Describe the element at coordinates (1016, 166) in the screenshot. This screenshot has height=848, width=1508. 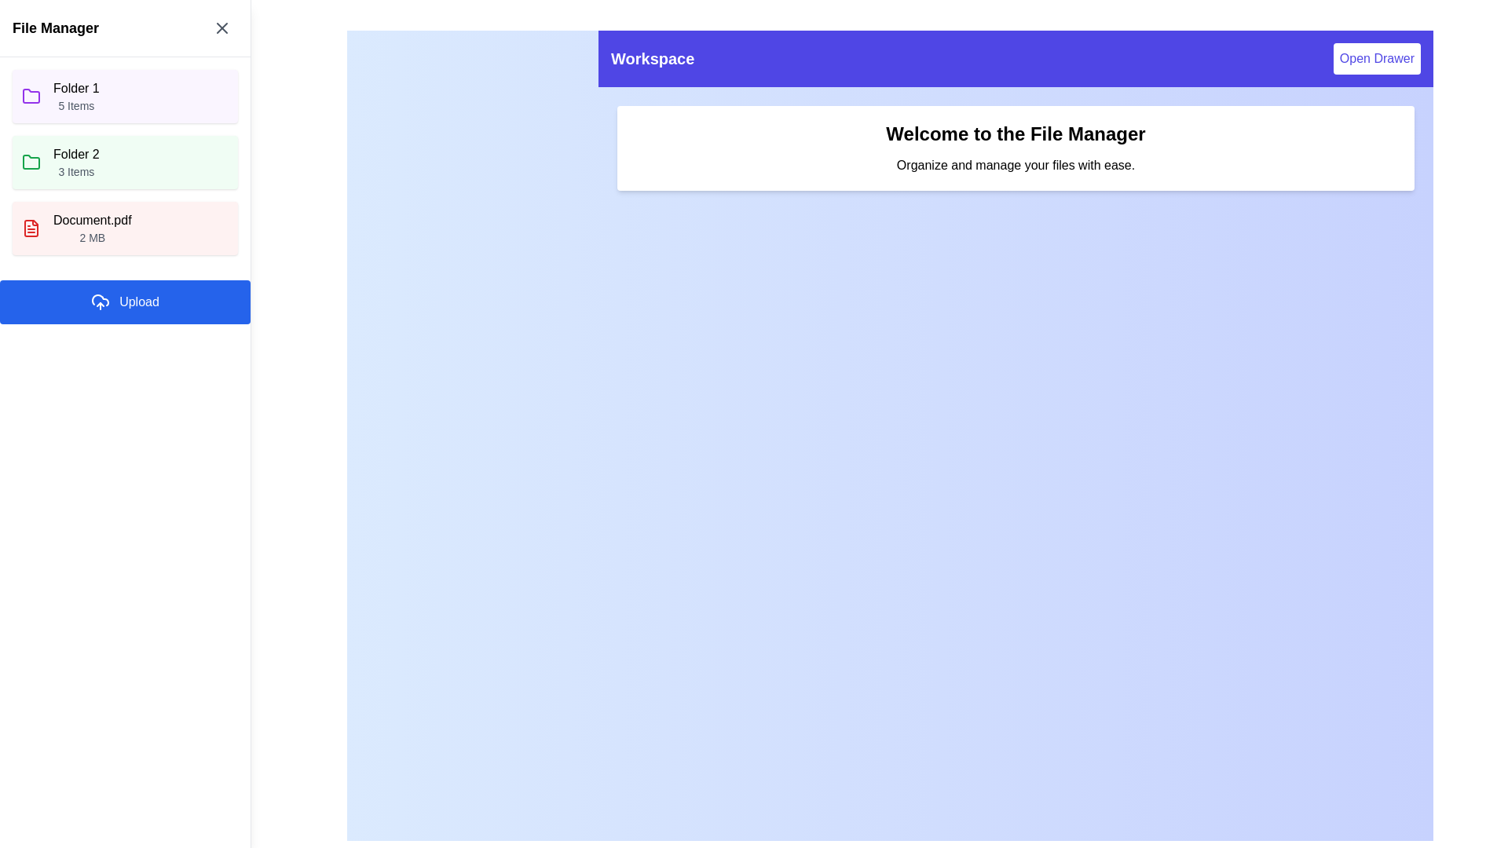
I see `the static text label that contains the message 'Organize and manage your files with ease.' which is located below the heading 'Welcome to the File Manager'` at that location.